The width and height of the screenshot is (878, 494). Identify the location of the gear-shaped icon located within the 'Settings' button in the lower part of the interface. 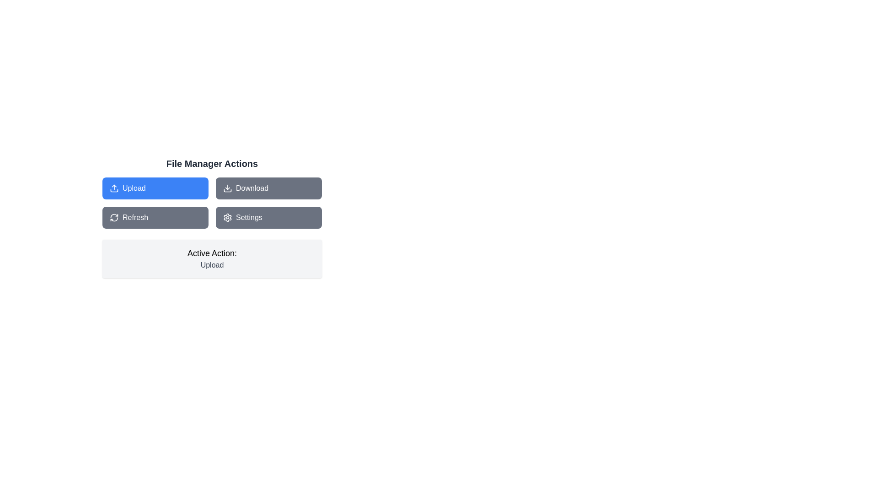
(228, 217).